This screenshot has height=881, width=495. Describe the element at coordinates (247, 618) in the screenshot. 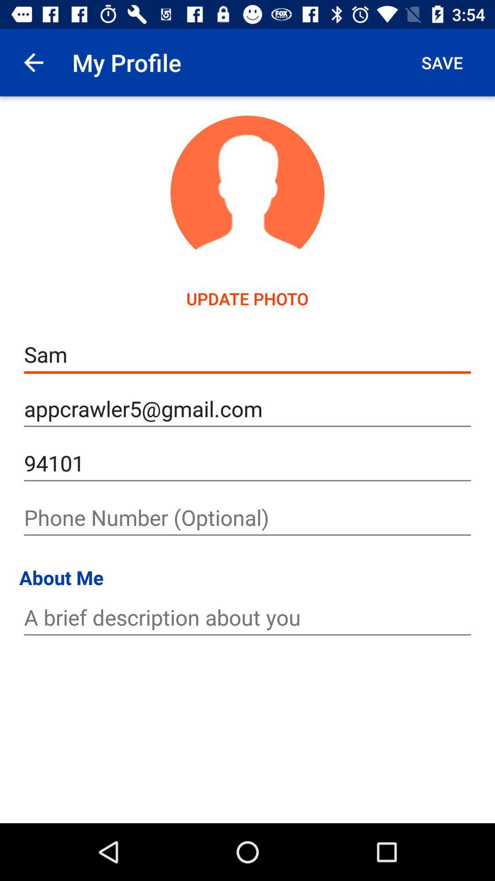

I see `description about yourself` at that location.